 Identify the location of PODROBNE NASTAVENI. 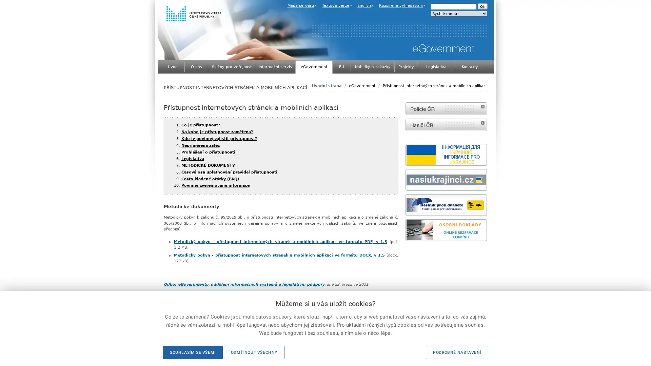
(457, 352).